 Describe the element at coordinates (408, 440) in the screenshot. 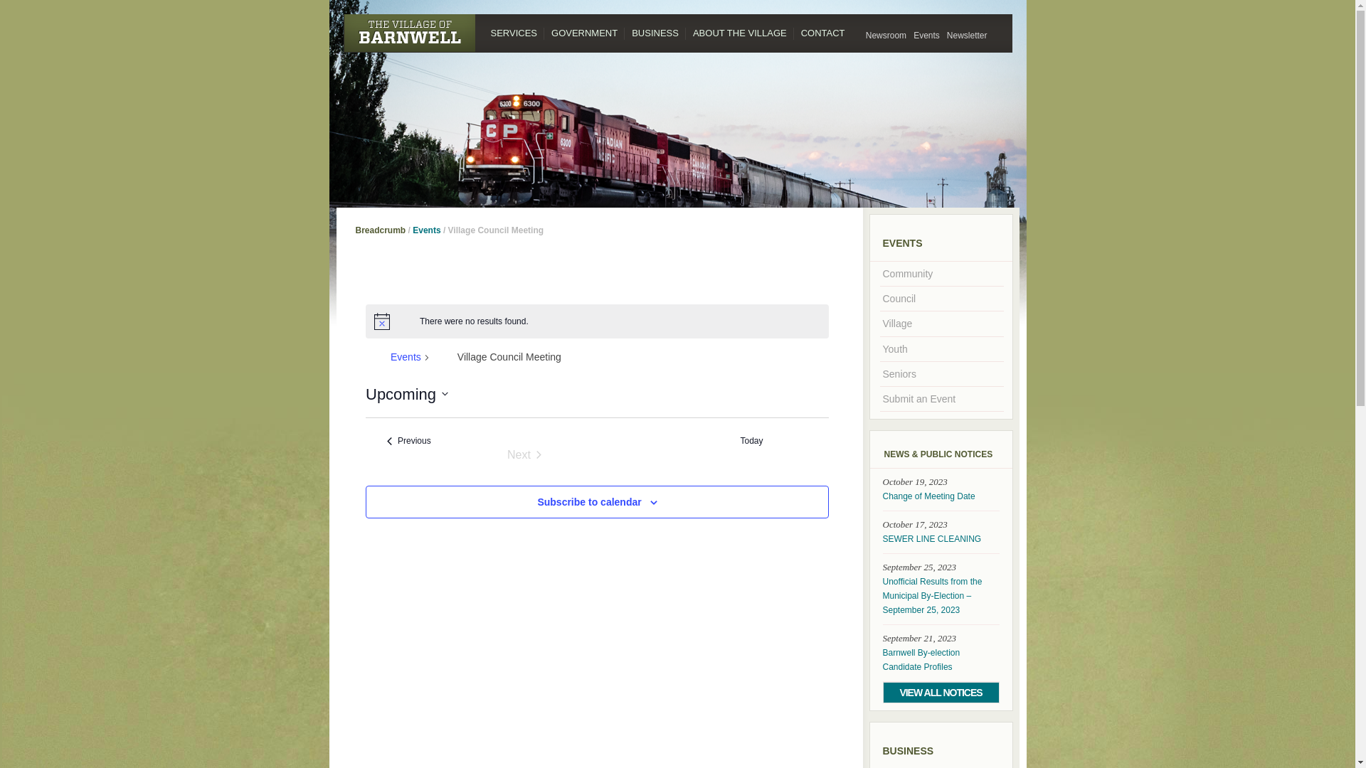

I see `'Previous` at that location.